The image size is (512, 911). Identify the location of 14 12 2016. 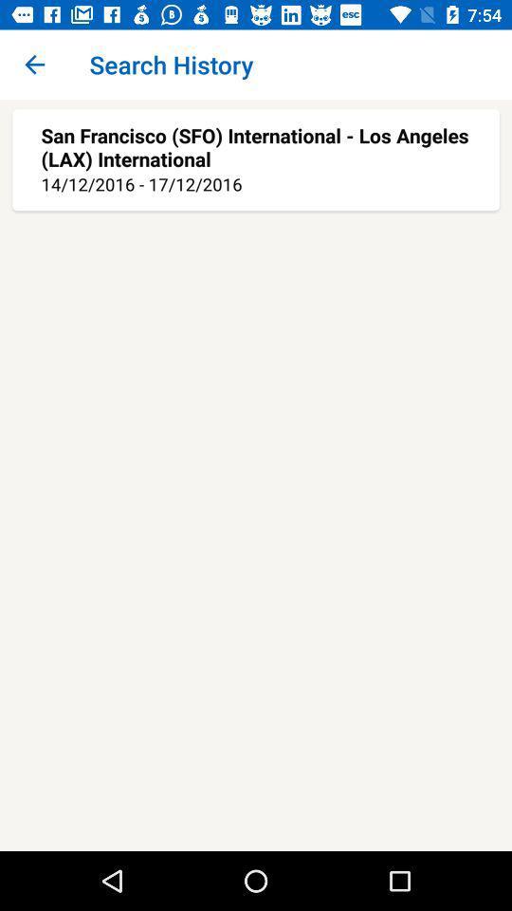
(256, 184).